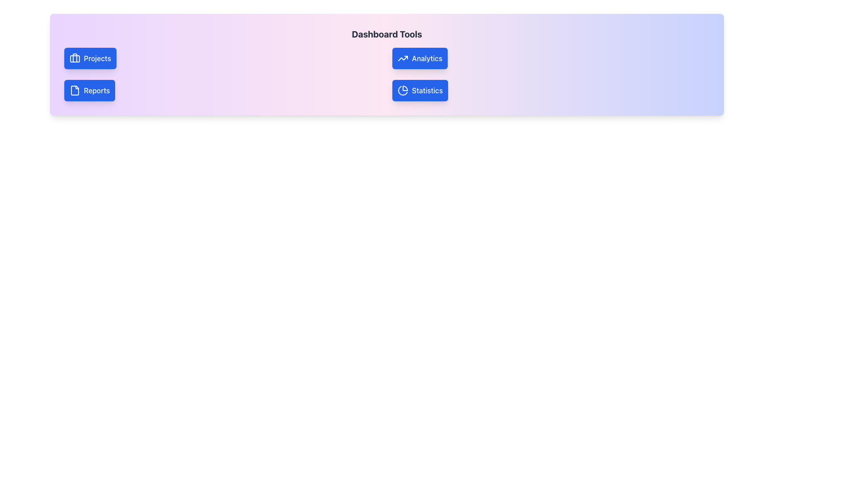 This screenshot has height=482, width=857. I want to click on the 'Analytics' button, so click(419, 58).